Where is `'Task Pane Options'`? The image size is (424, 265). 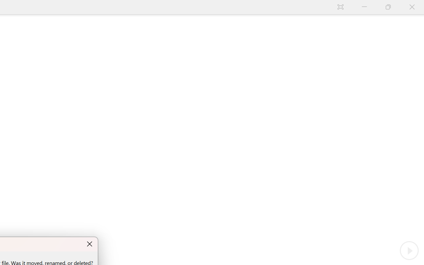
'Task Pane Options' is located at coordinates (392, 70).